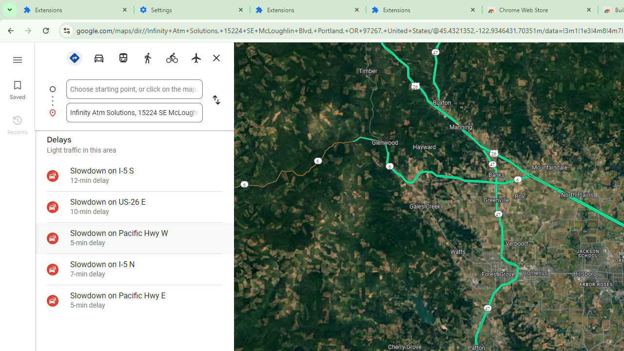 The image size is (624, 351). Describe the element at coordinates (192, 10) in the screenshot. I see `'Settings'` at that location.